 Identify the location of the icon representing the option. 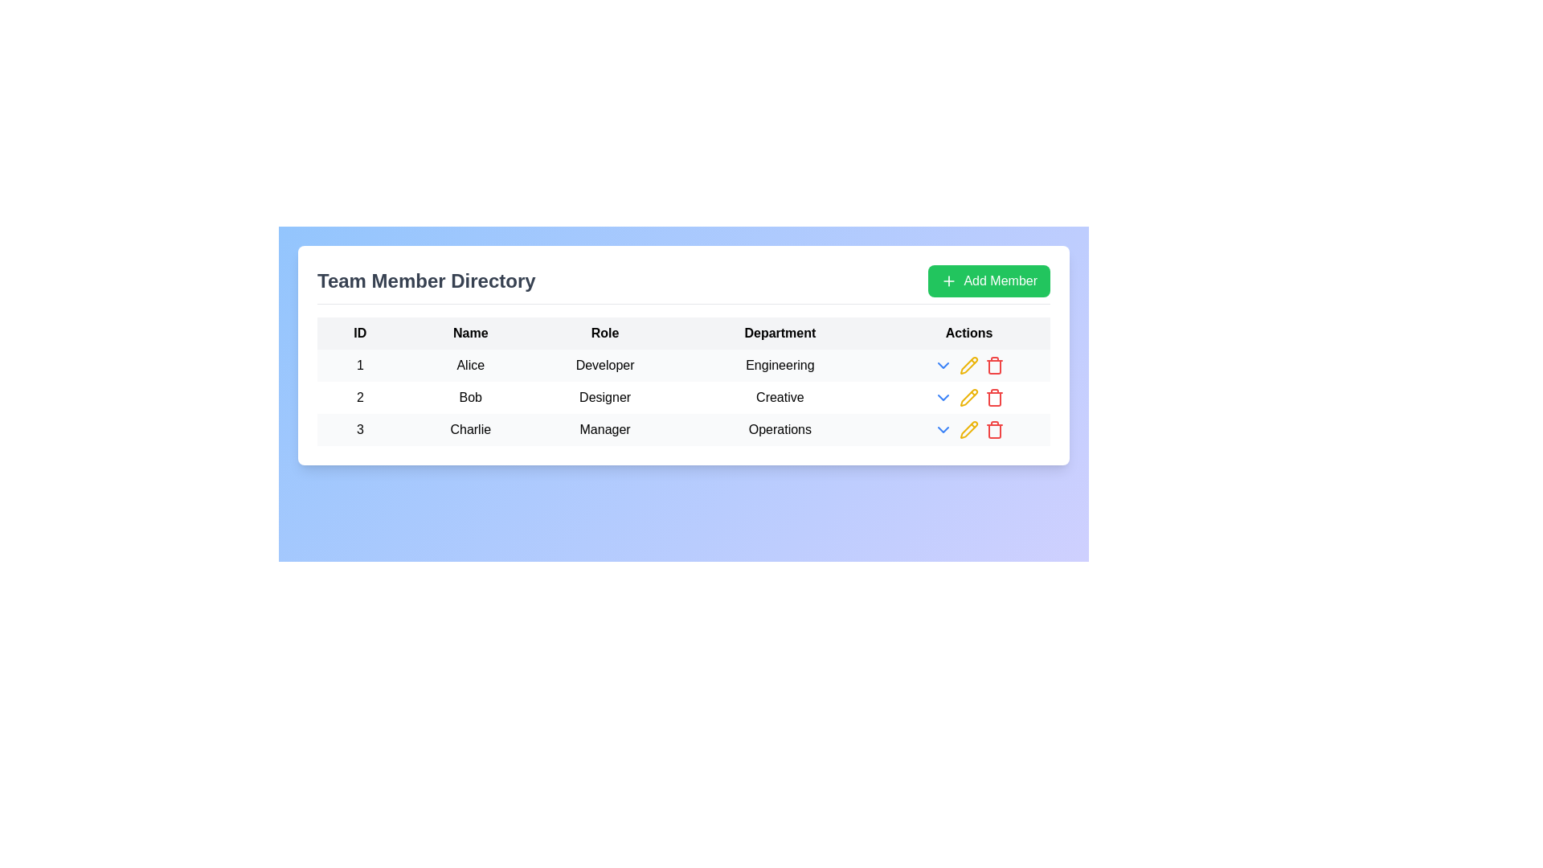
(949, 280).